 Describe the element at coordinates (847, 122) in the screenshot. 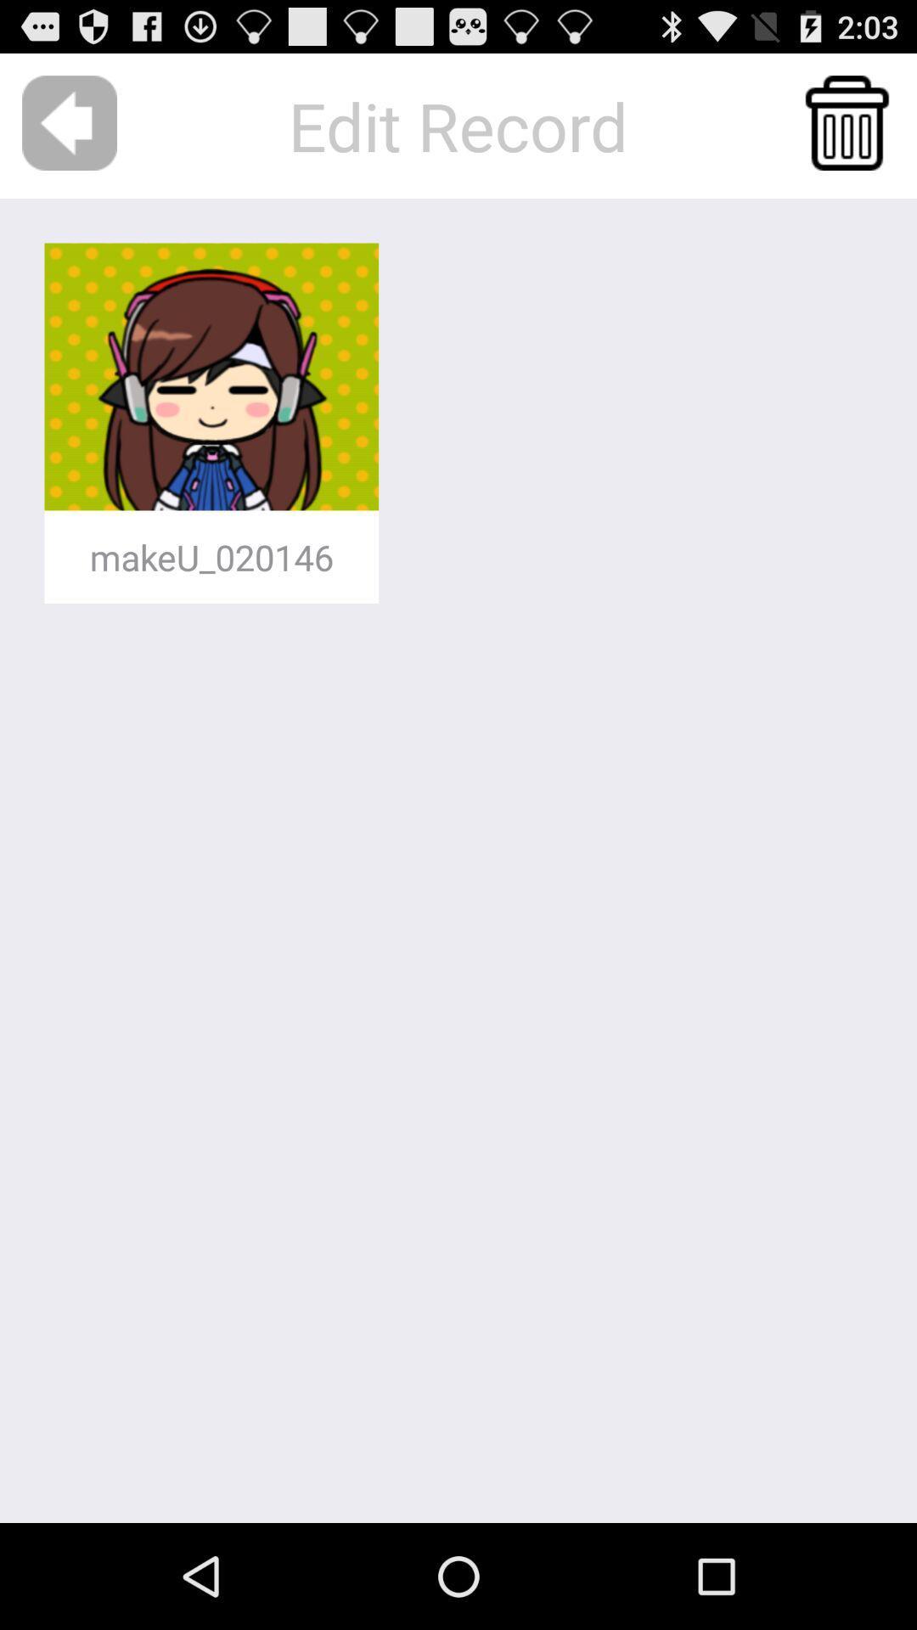

I see `app next to the edit record app` at that location.